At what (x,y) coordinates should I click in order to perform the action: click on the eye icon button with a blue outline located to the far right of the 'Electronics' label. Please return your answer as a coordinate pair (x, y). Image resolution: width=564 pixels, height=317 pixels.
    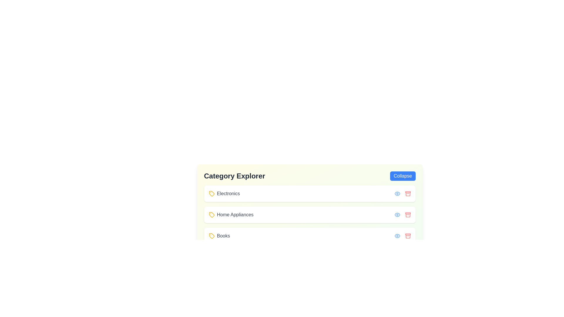
    Looking at the image, I should click on (397, 235).